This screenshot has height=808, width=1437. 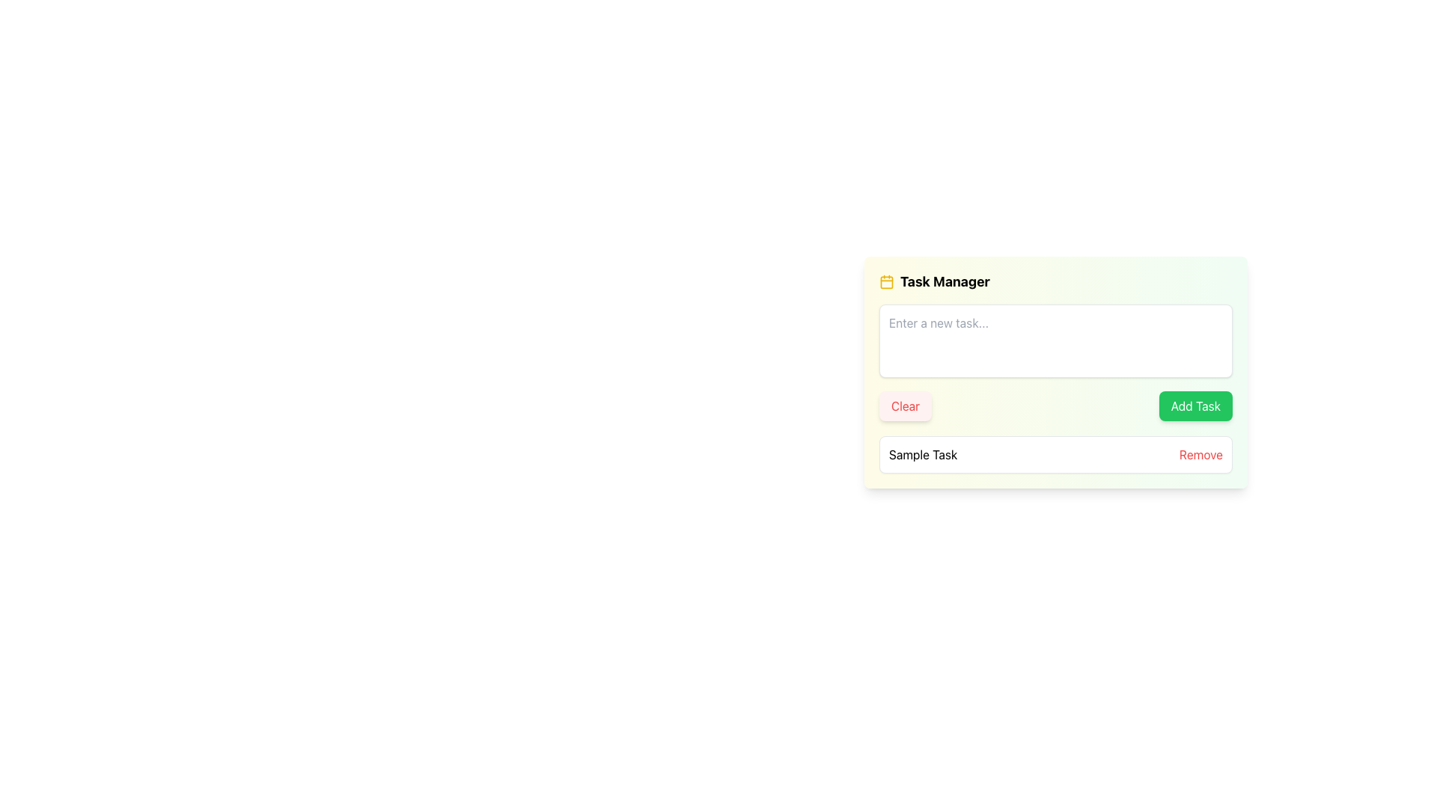 What do you see at coordinates (887, 282) in the screenshot?
I see `the main inner body rectangle of the calendar icon, which is located to the left of the 'Task Manager' title` at bounding box center [887, 282].